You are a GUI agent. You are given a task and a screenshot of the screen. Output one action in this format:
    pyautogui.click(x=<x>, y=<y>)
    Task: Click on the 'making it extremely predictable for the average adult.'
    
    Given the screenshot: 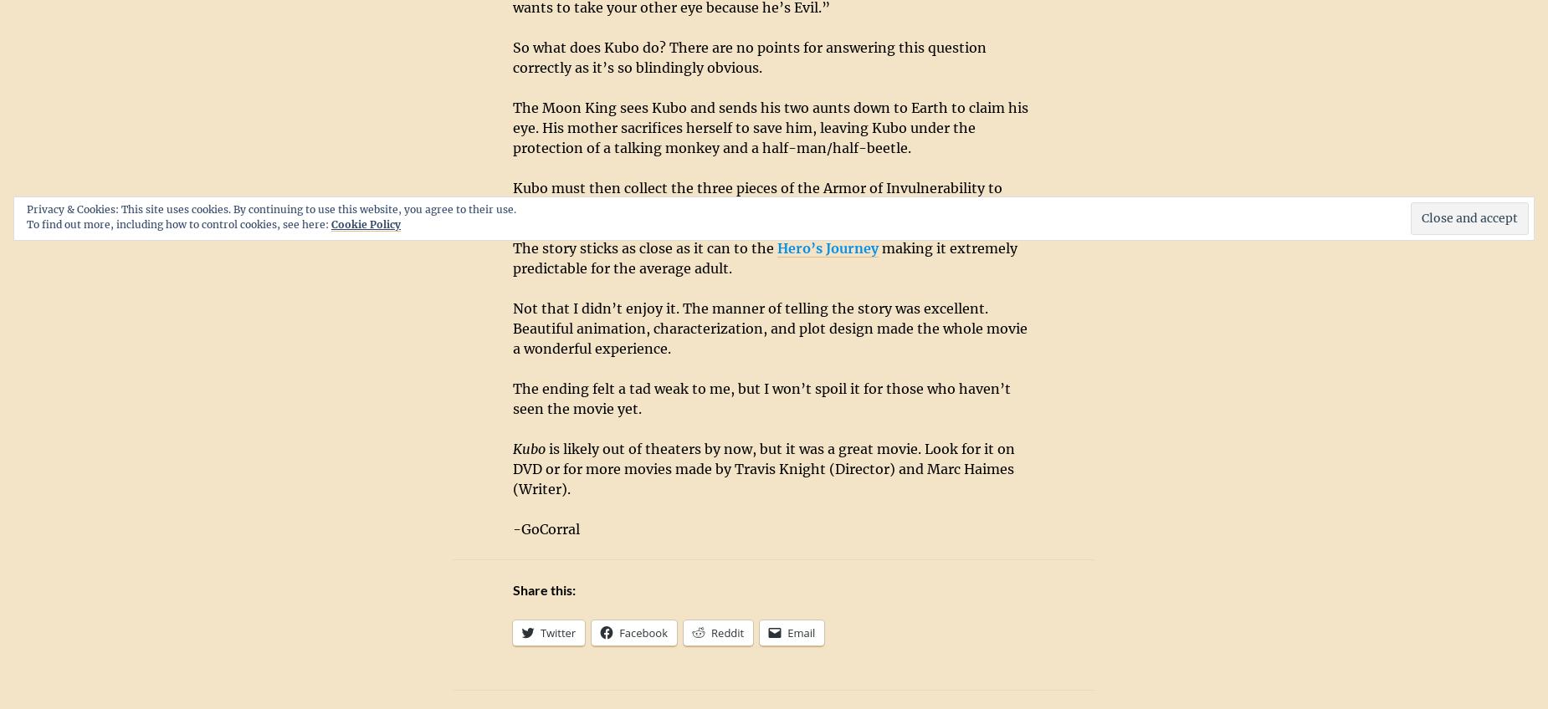 What is the action you would take?
    pyautogui.click(x=765, y=258)
    